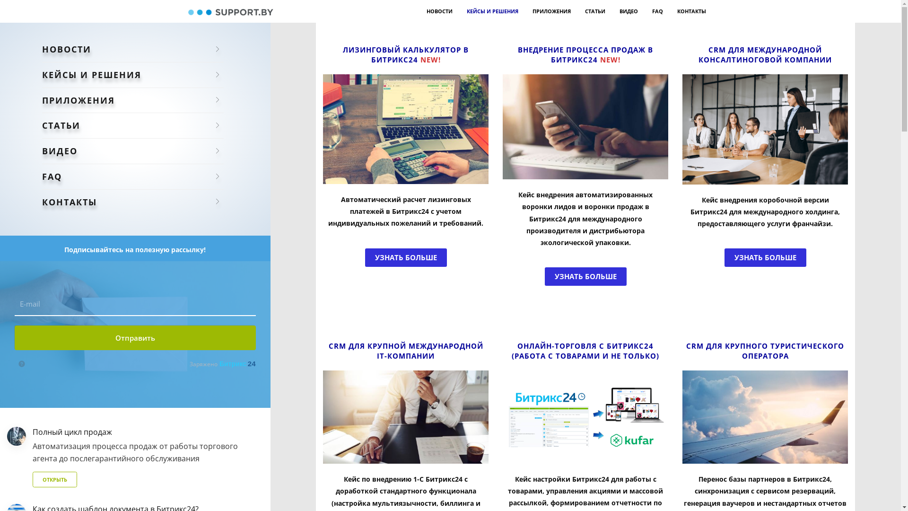 This screenshot has height=511, width=908. I want to click on 'FAQ', so click(132, 176).